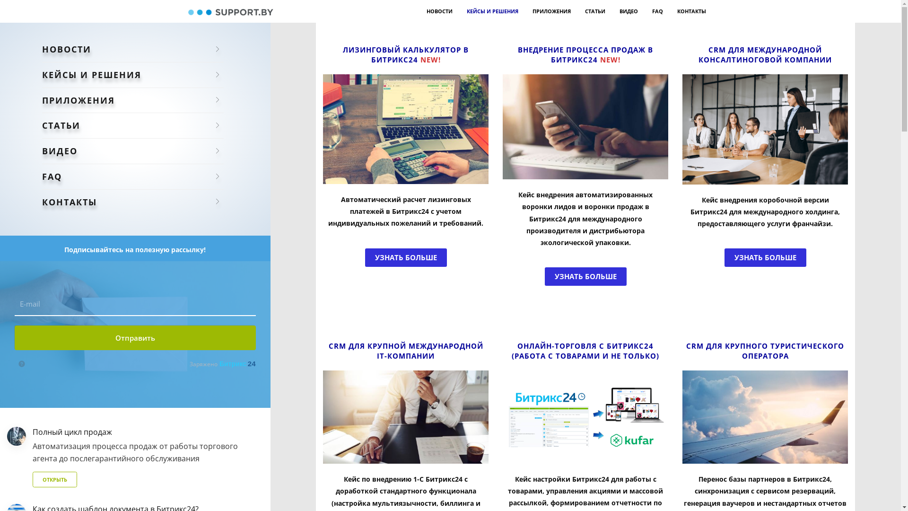 This screenshot has height=511, width=908. I want to click on 'FAQ', so click(132, 176).